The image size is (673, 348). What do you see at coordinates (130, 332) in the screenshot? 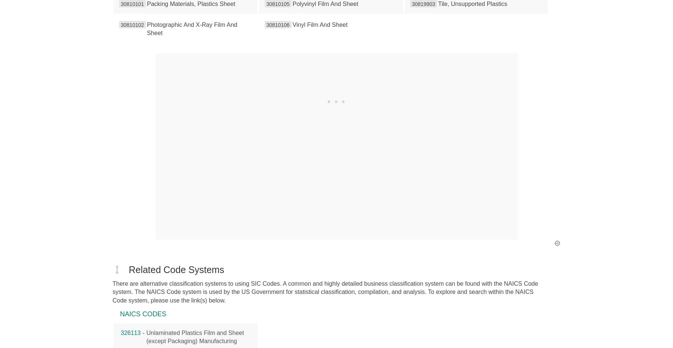
I see `'326113'` at bounding box center [130, 332].